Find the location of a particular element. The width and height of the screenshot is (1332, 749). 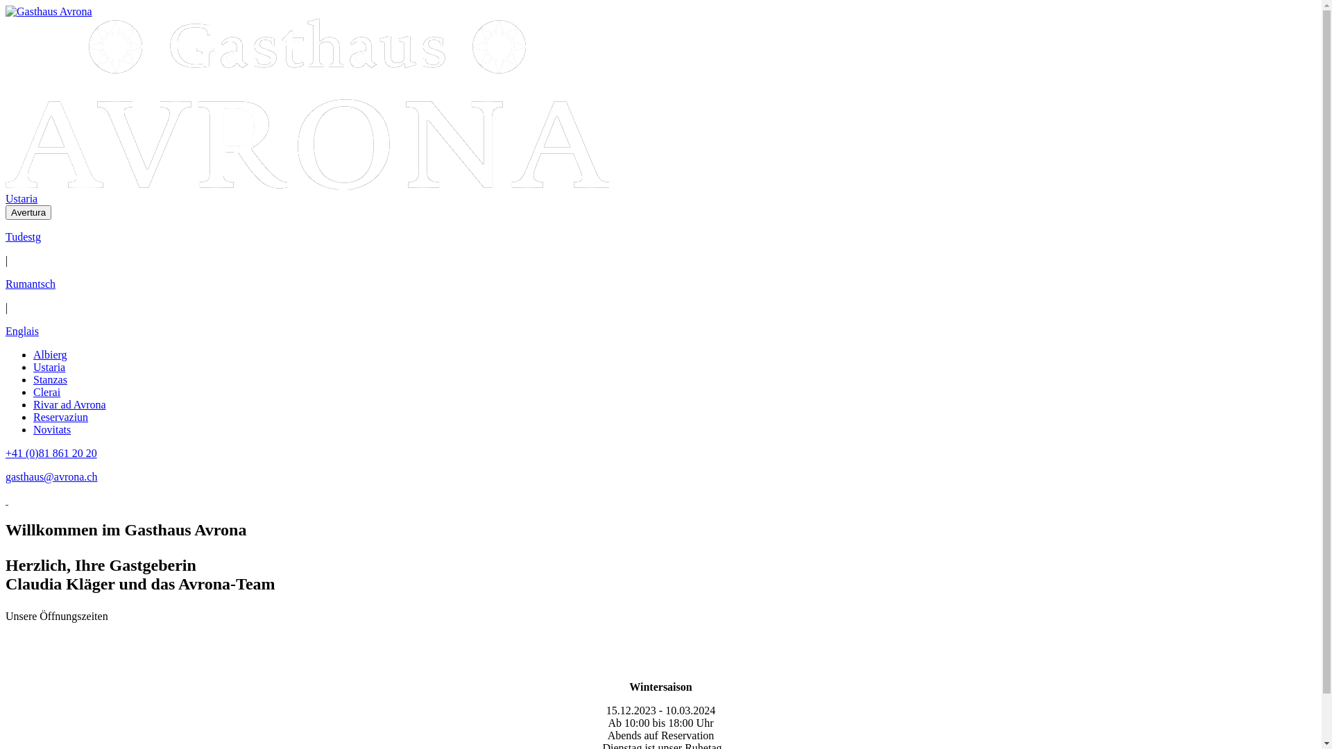

'gasthaus@avrona.ch' is located at coordinates (6, 476).